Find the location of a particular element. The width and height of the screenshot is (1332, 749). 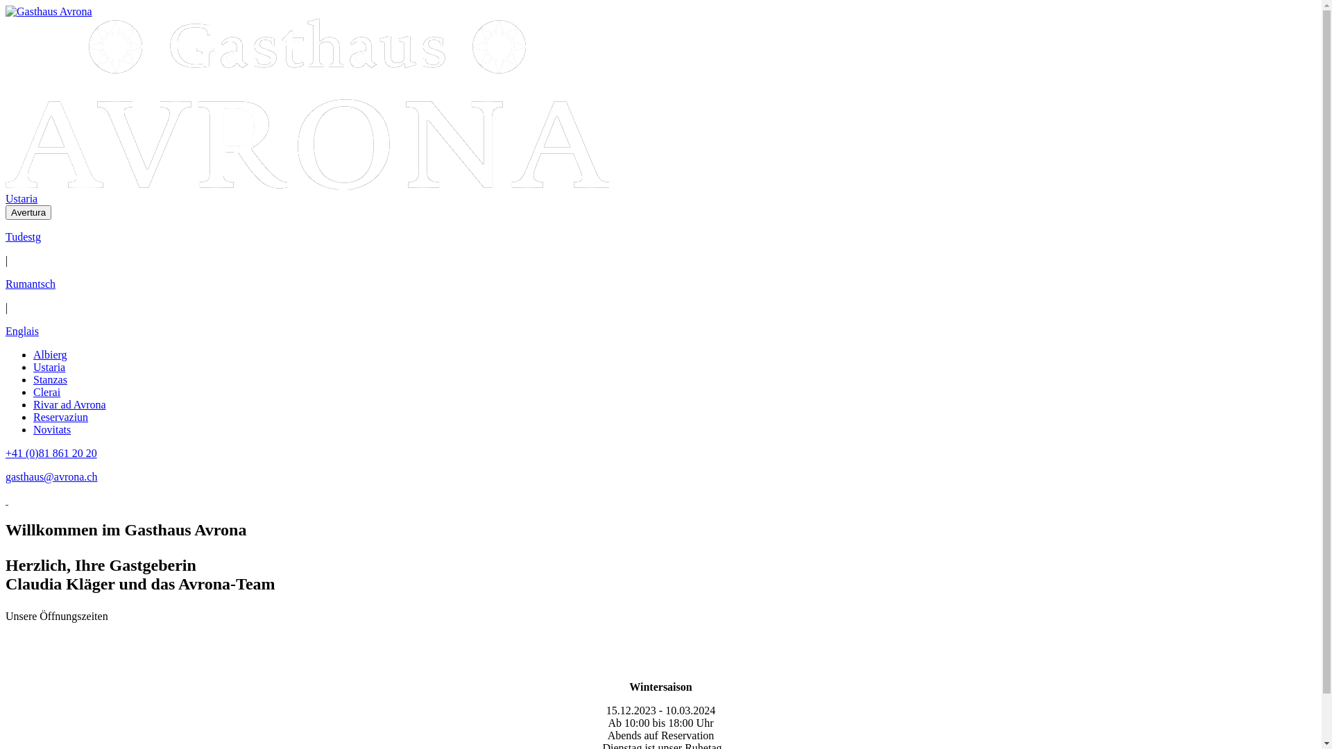

'gasthaus@avrona.ch' is located at coordinates (6, 476).